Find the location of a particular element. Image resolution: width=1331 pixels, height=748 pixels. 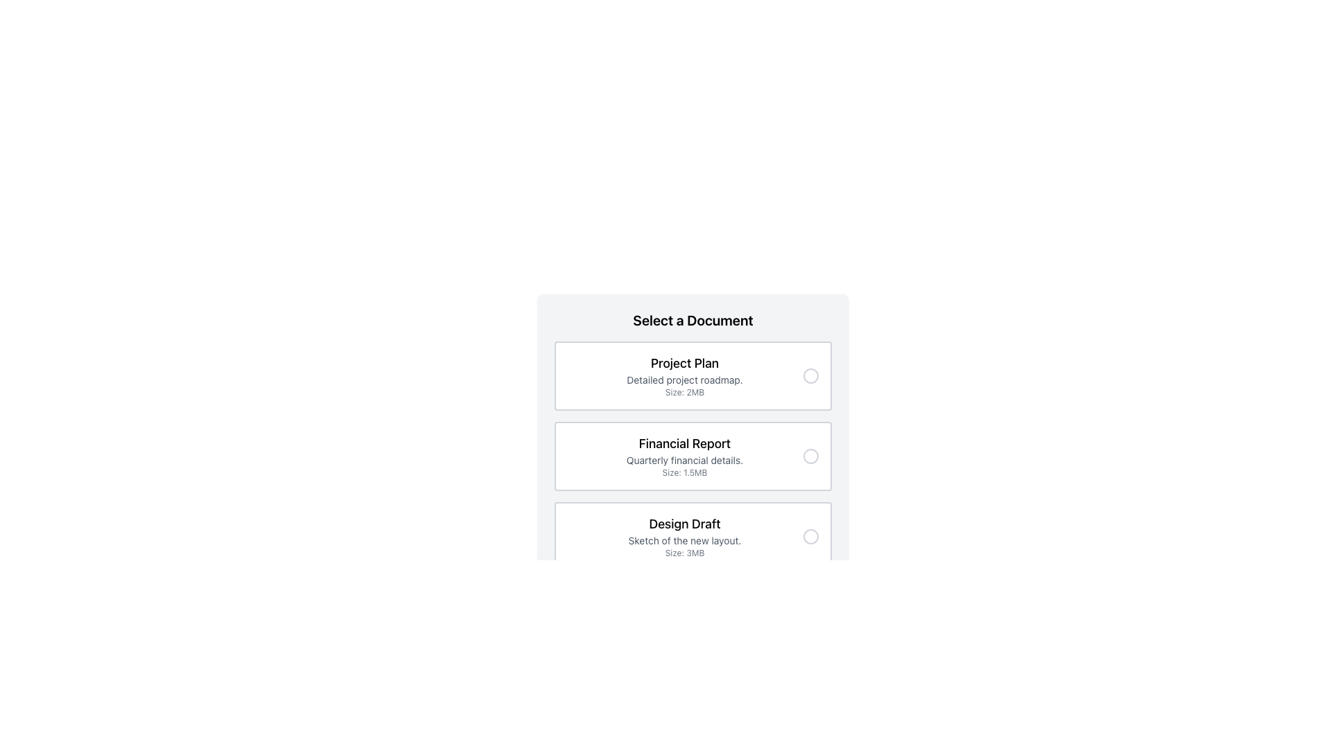

the static text label reading 'Size: 3MB', which is styled in a small gray font and positioned below the 'Design Draft' heading is located at coordinates (685, 552).